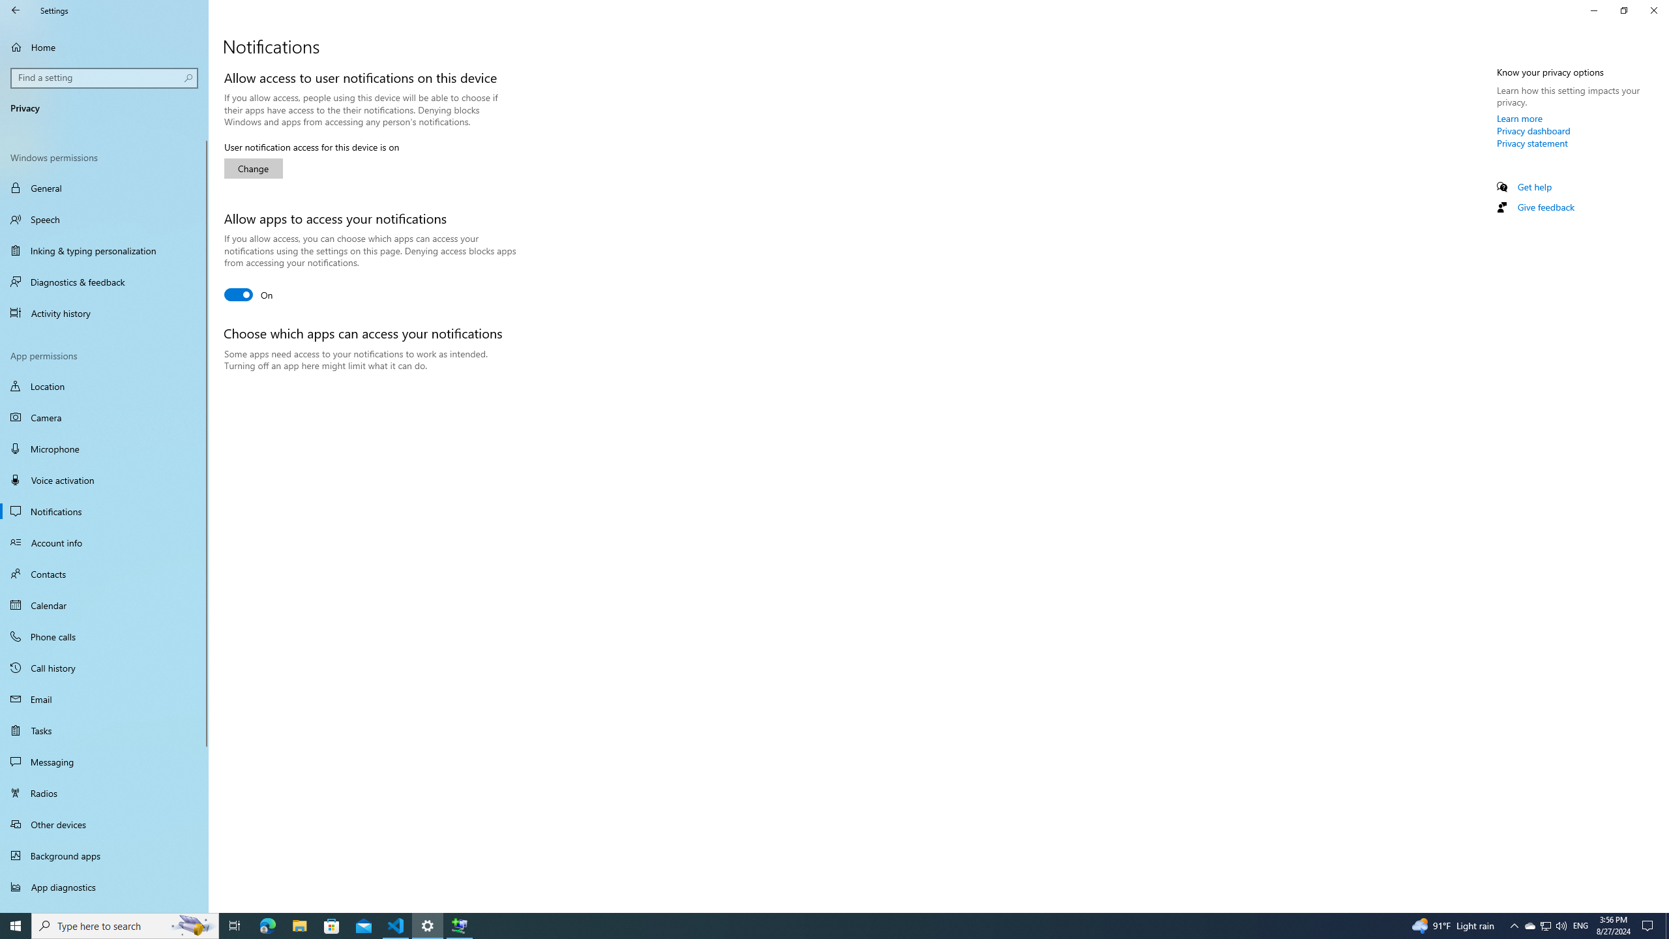  Describe the element at coordinates (104, 312) in the screenshot. I see `'Activity history'` at that location.